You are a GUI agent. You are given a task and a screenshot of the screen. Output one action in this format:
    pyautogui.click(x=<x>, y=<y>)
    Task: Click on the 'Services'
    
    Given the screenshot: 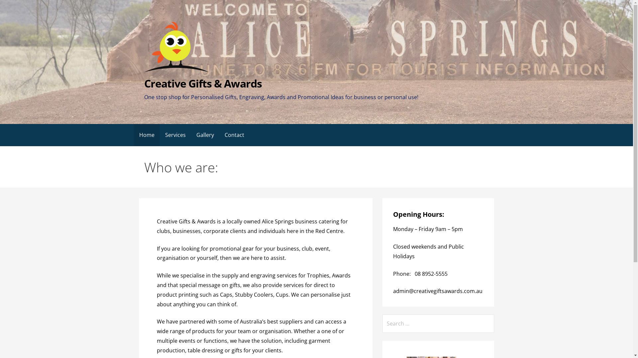 What is the action you would take?
    pyautogui.click(x=175, y=135)
    